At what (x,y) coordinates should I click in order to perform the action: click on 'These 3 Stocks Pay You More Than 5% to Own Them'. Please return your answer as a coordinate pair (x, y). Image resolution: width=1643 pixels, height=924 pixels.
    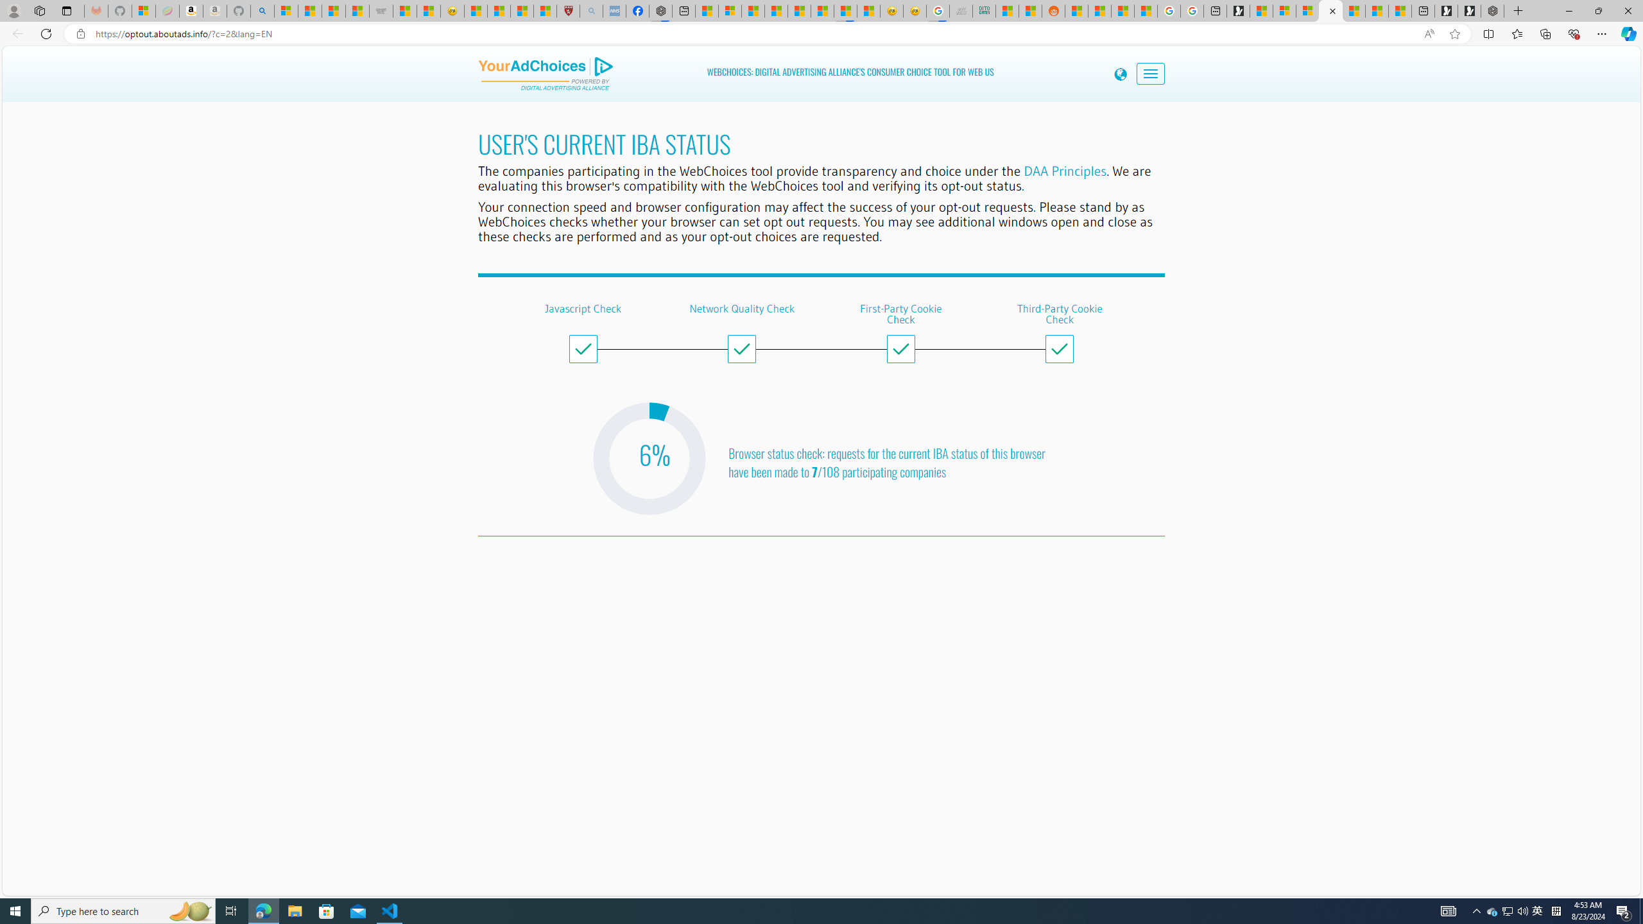
    Looking at the image, I should click on (1399, 10).